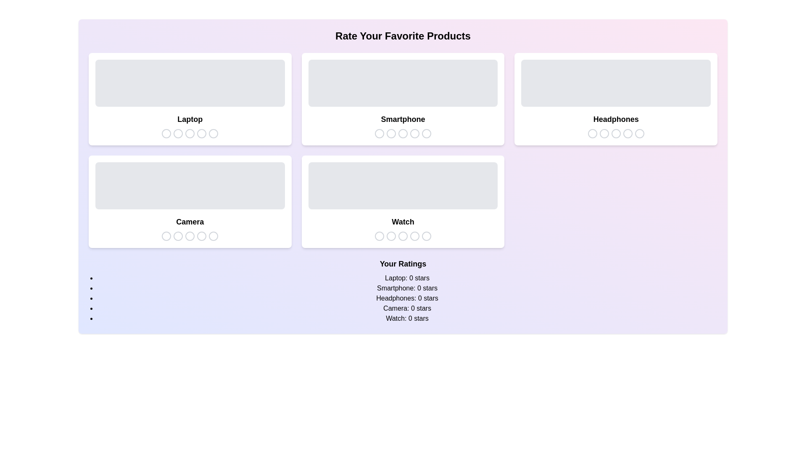 The height and width of the screenshot is (454, 807). I want to click on the star icon to set the rating for the selected product category to 5 stars, so click(214, 133).